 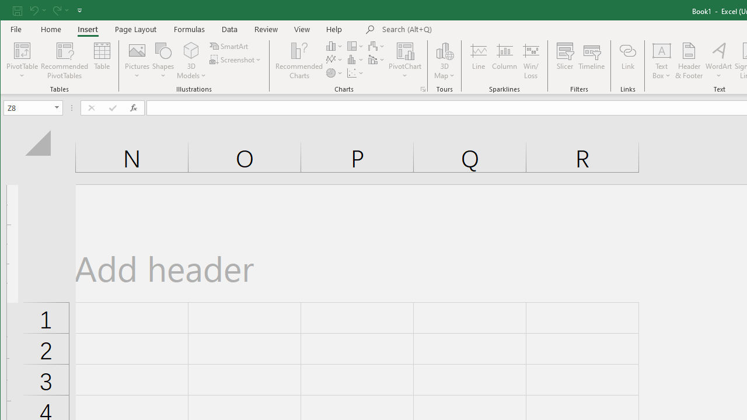 What do you see at coordinates (22, 61) in the screenshot?
I see `'PivotTable'` at bounding box center [22, 61].